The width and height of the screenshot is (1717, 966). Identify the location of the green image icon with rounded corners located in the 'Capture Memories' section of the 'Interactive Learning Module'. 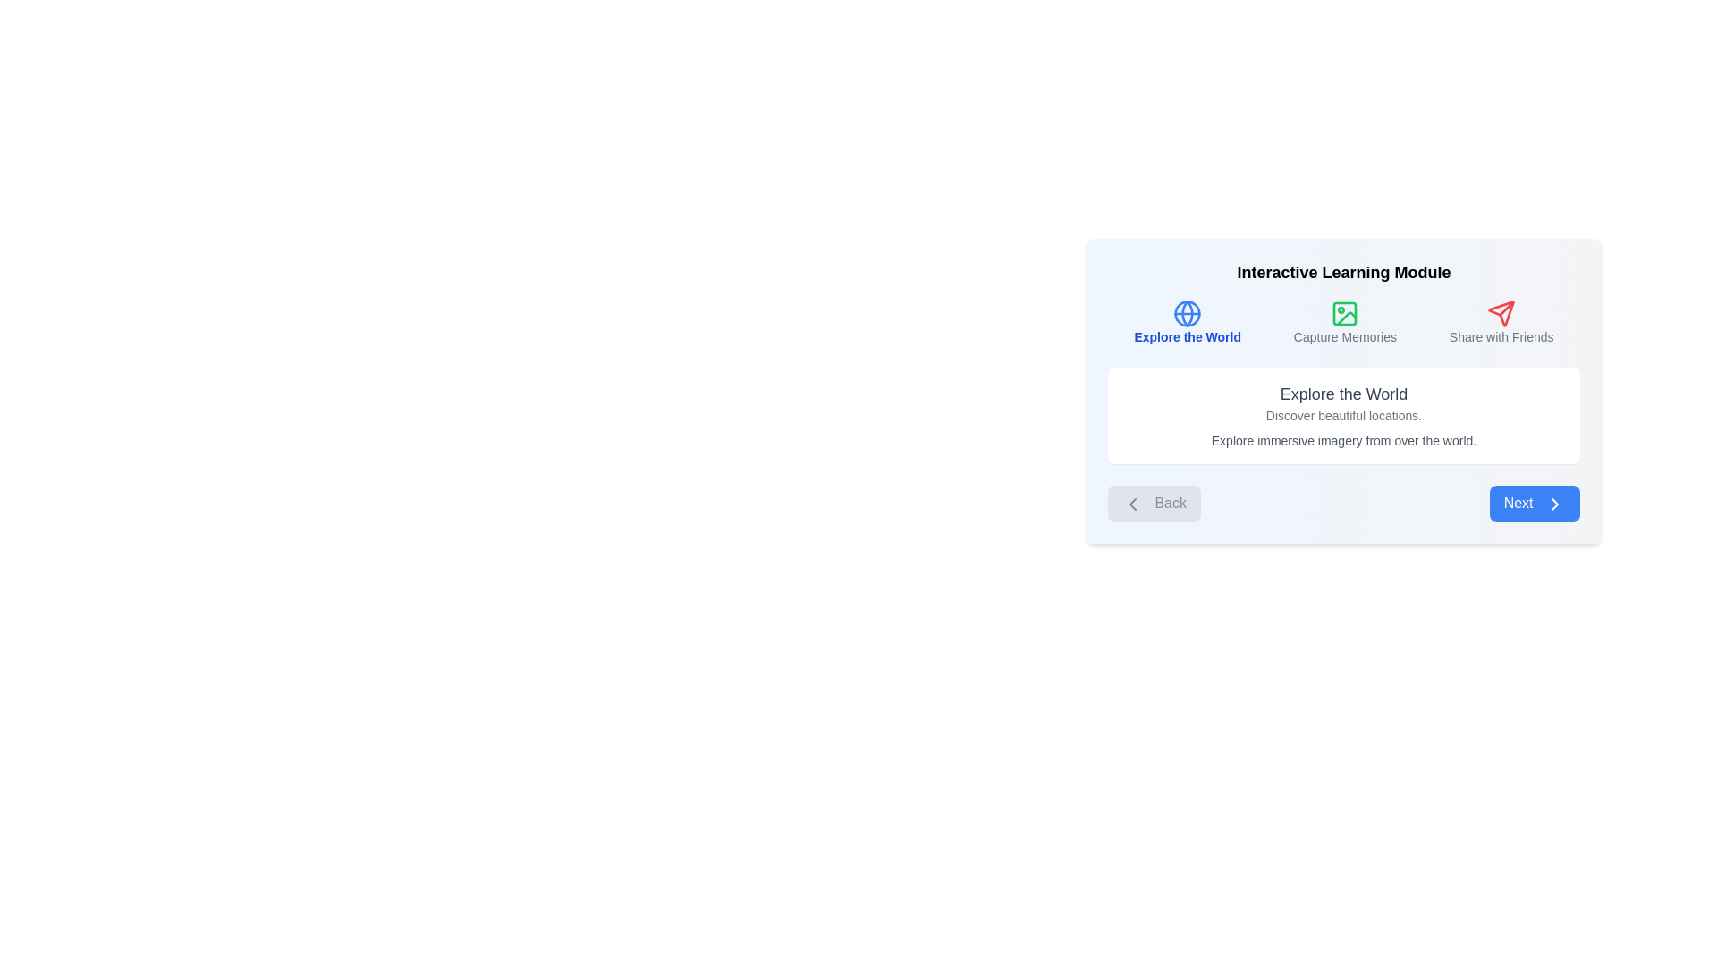
(1345, 313).